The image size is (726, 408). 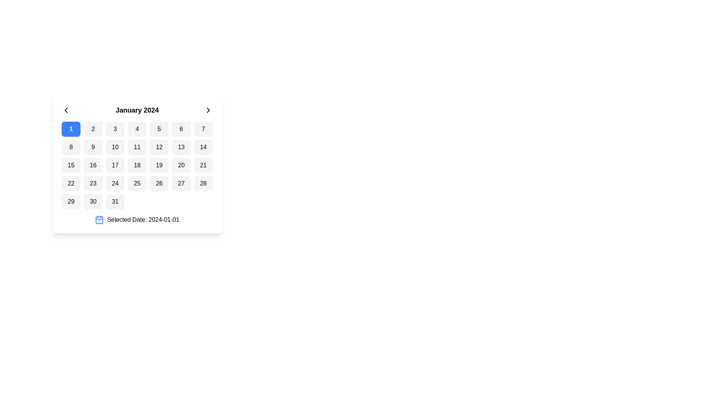 What do you see at coordinates (71, 147) in the screenshot?
I see `the button representing the 8th day of the month in the calendar view, located in the second row and first column of the calendar grid` at bounding box center [71, 147].